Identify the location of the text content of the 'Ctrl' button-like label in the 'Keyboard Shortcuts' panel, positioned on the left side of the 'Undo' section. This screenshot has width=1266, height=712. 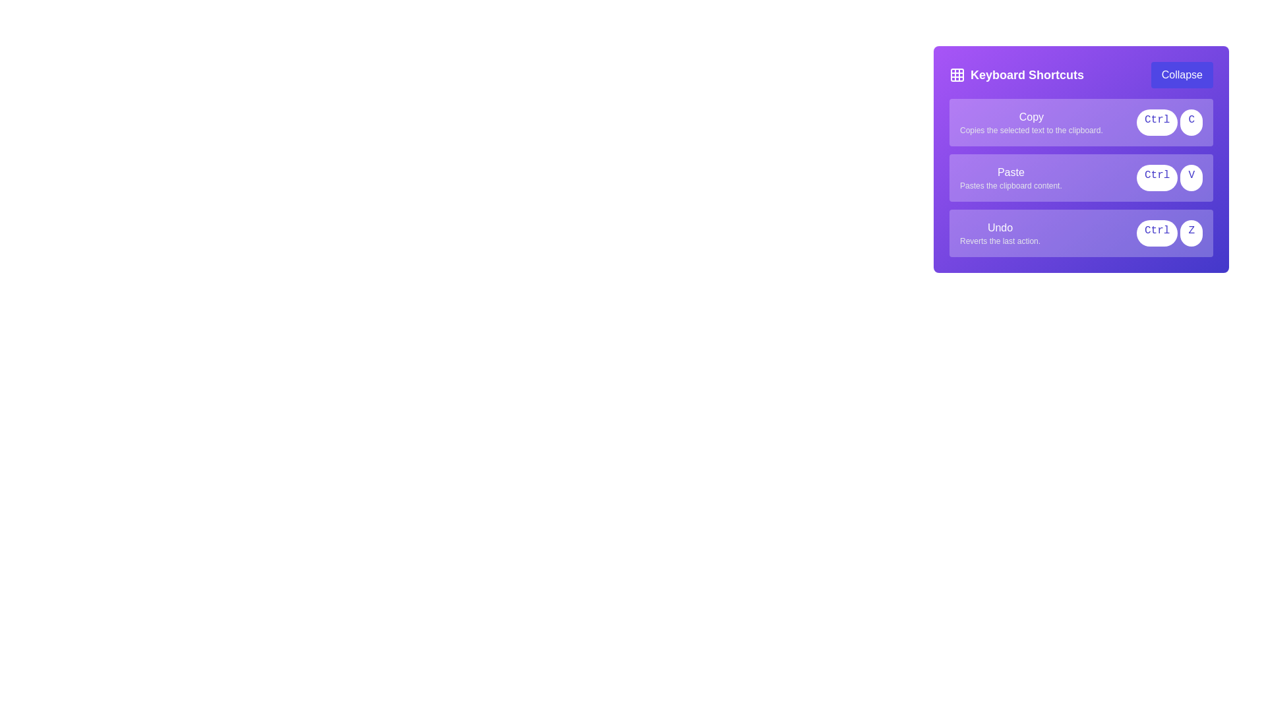
(1157, 233).